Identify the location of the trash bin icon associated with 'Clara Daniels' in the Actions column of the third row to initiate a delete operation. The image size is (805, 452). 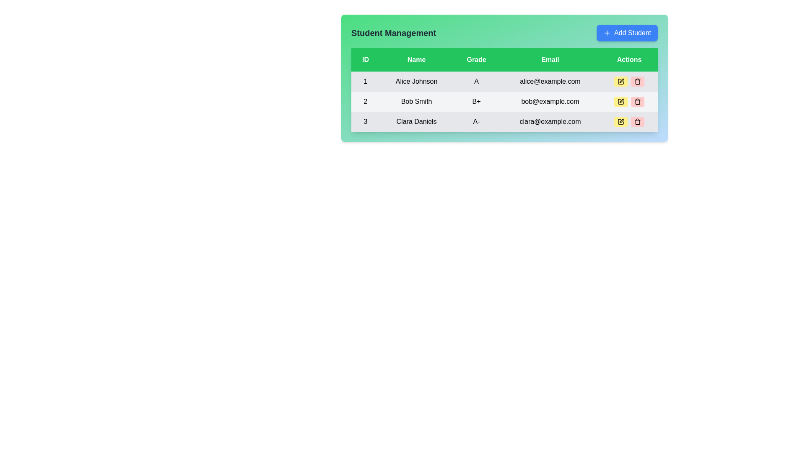
(637, 82).